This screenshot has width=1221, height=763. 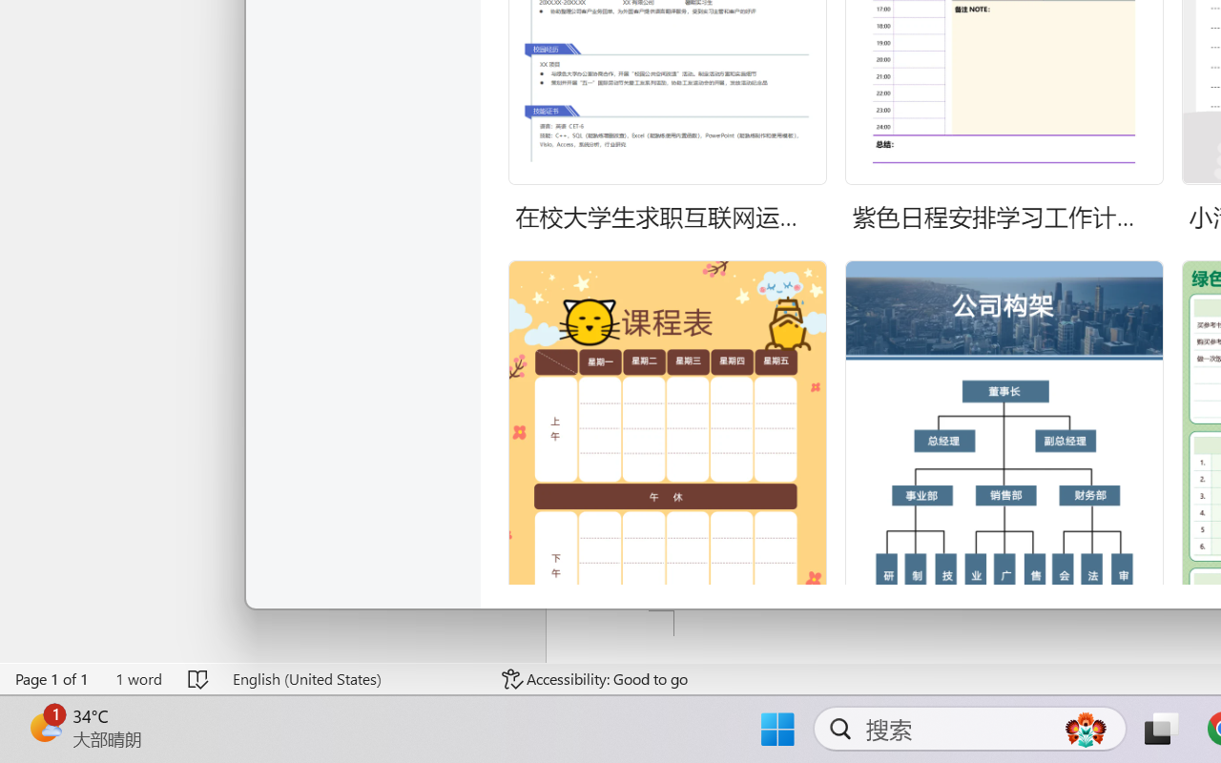 I want to click on 'Language English (United States)', so click(x=354, y=678).